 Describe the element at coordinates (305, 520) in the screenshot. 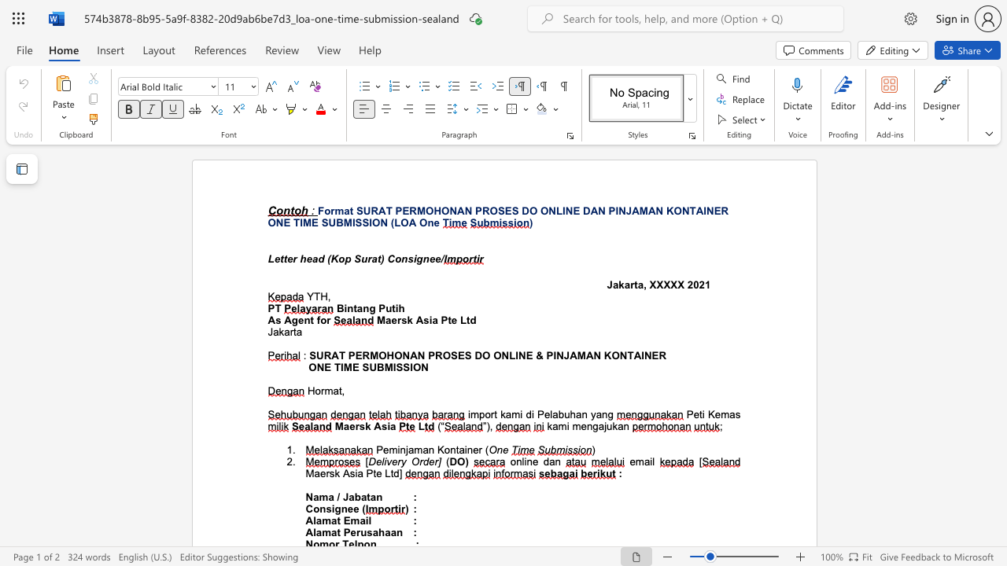

I see `the subset text "Alamat E" within the text "Alamat Email"` at that location.